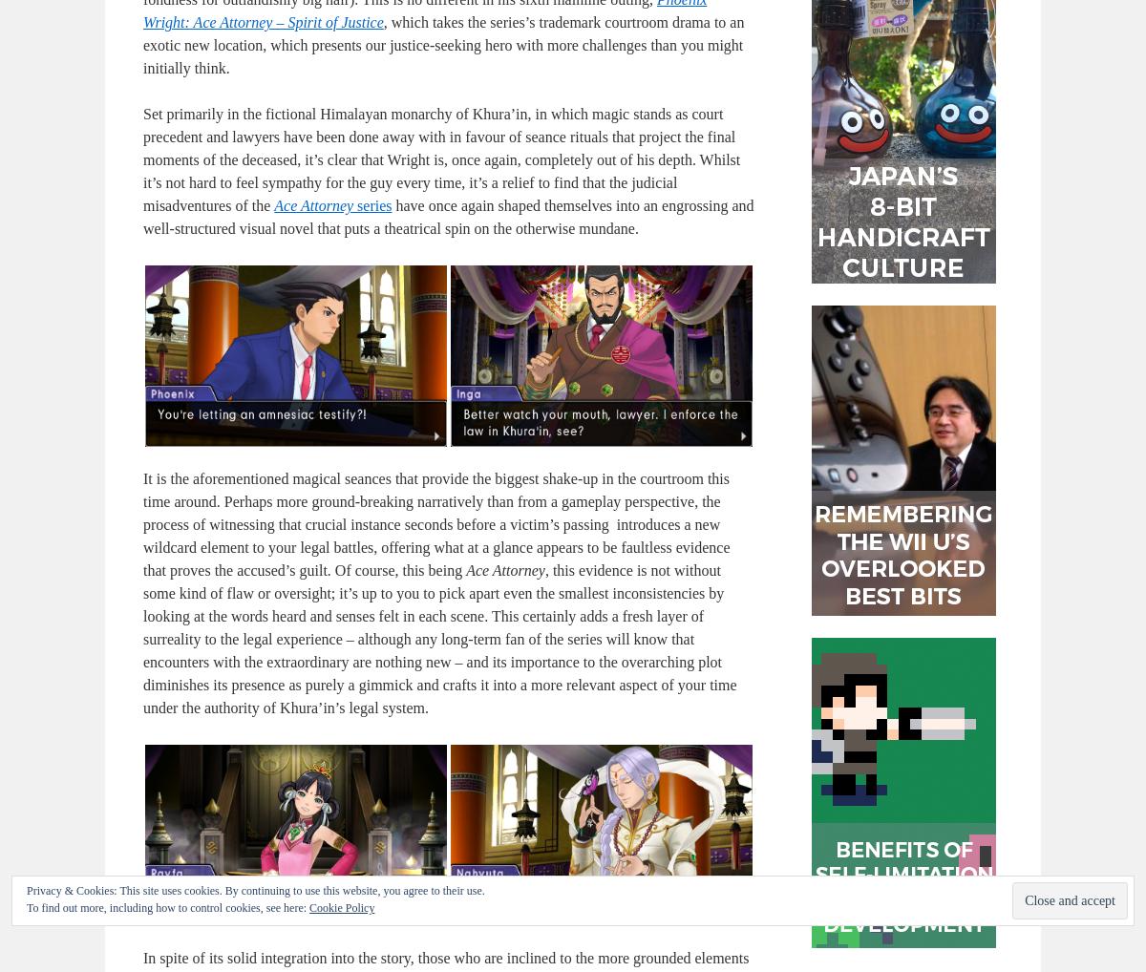  What do you see at coordinates (372, 204) in the screenshot?
I see `'series'` at bounding box center [372, 204].